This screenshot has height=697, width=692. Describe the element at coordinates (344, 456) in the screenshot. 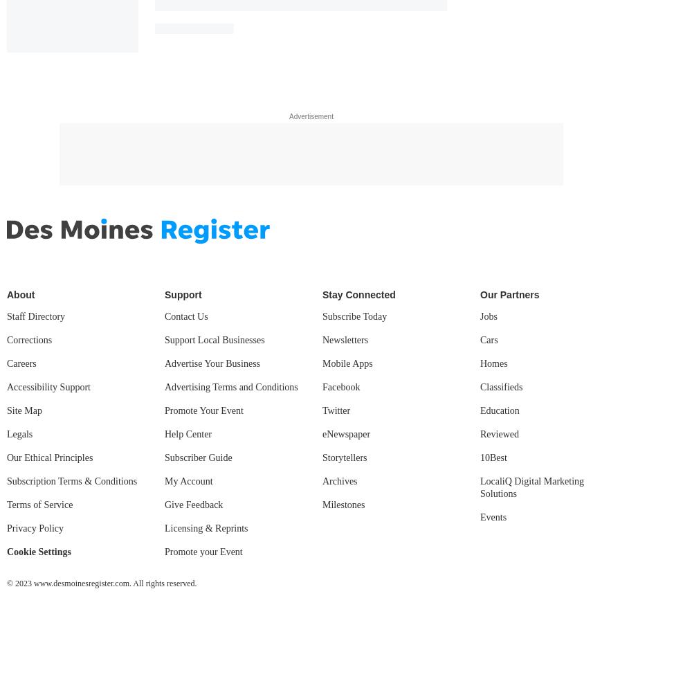

I see `'Storytellers'` at that location.